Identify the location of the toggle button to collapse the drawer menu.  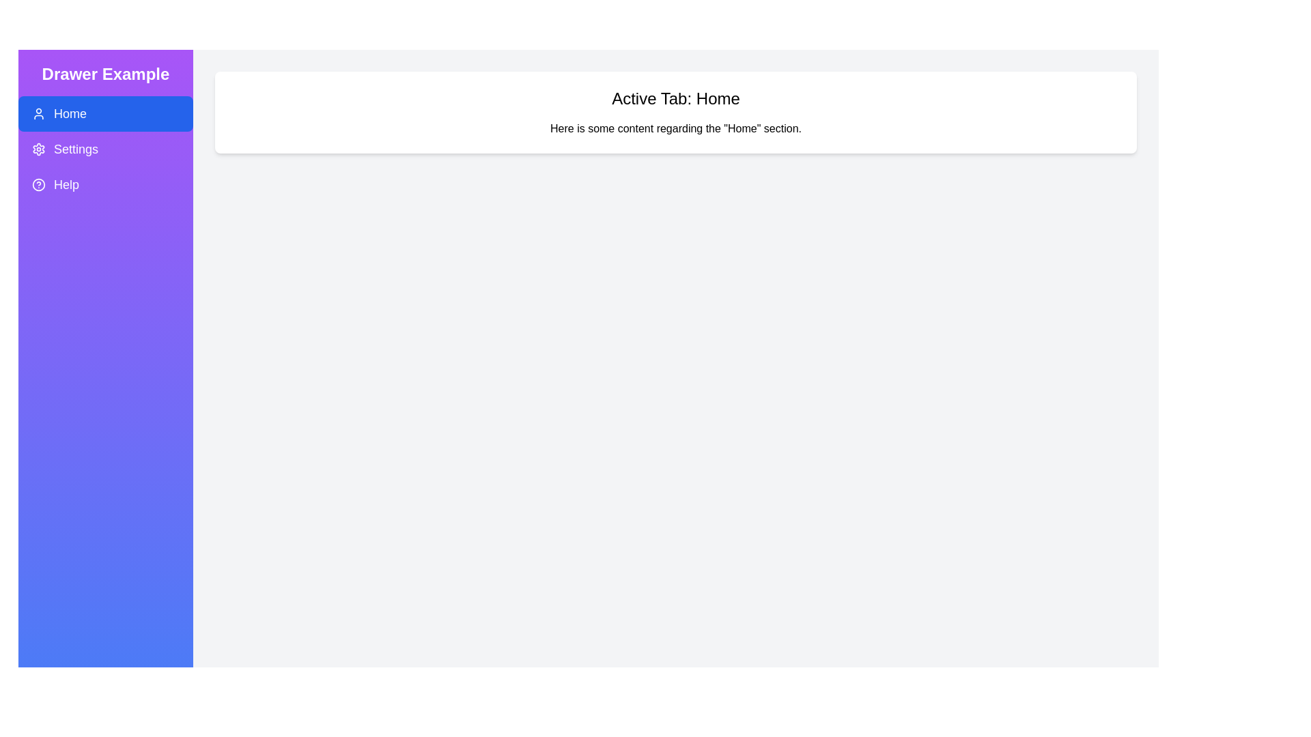
(33, 33).